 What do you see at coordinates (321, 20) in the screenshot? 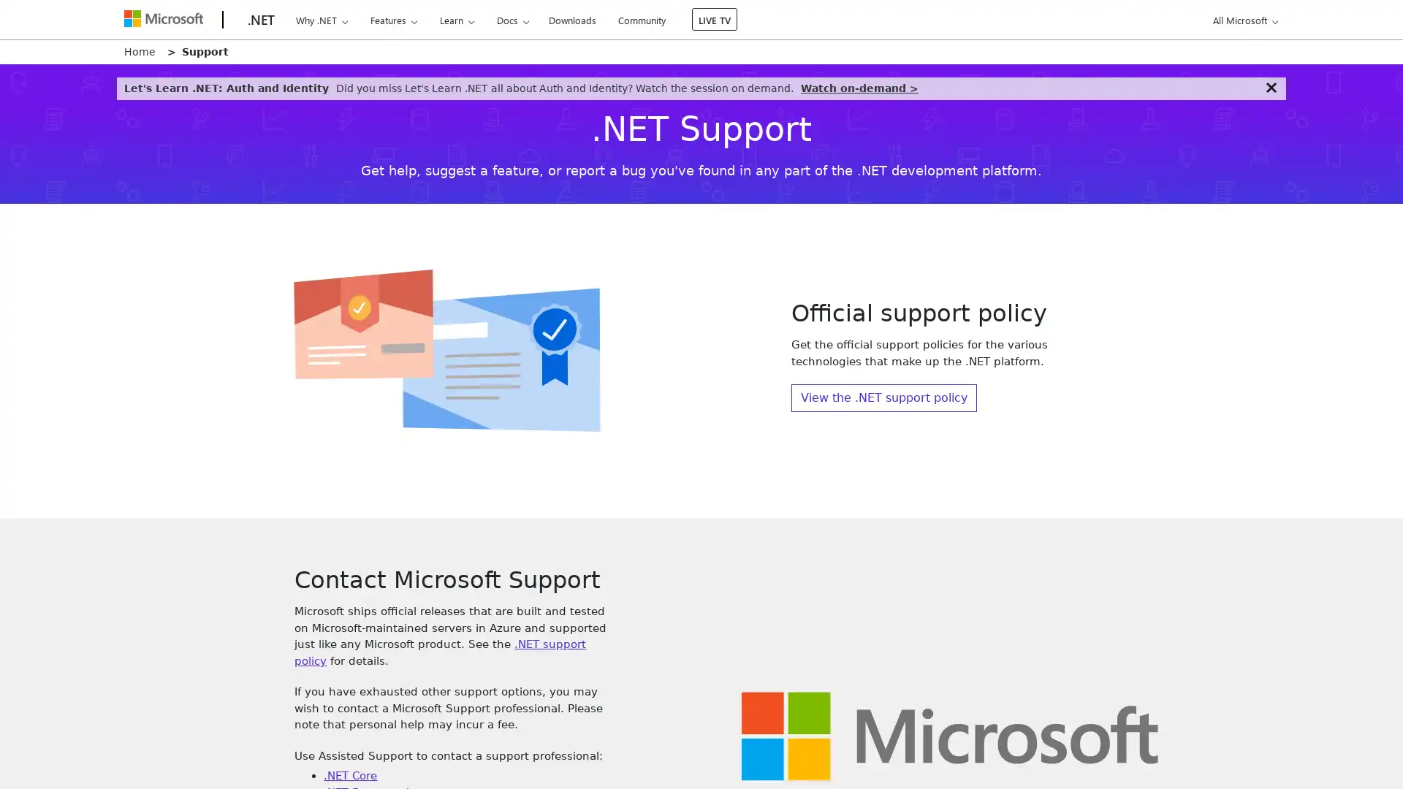
I see `Why .NET` at bounding box center [321, 20].